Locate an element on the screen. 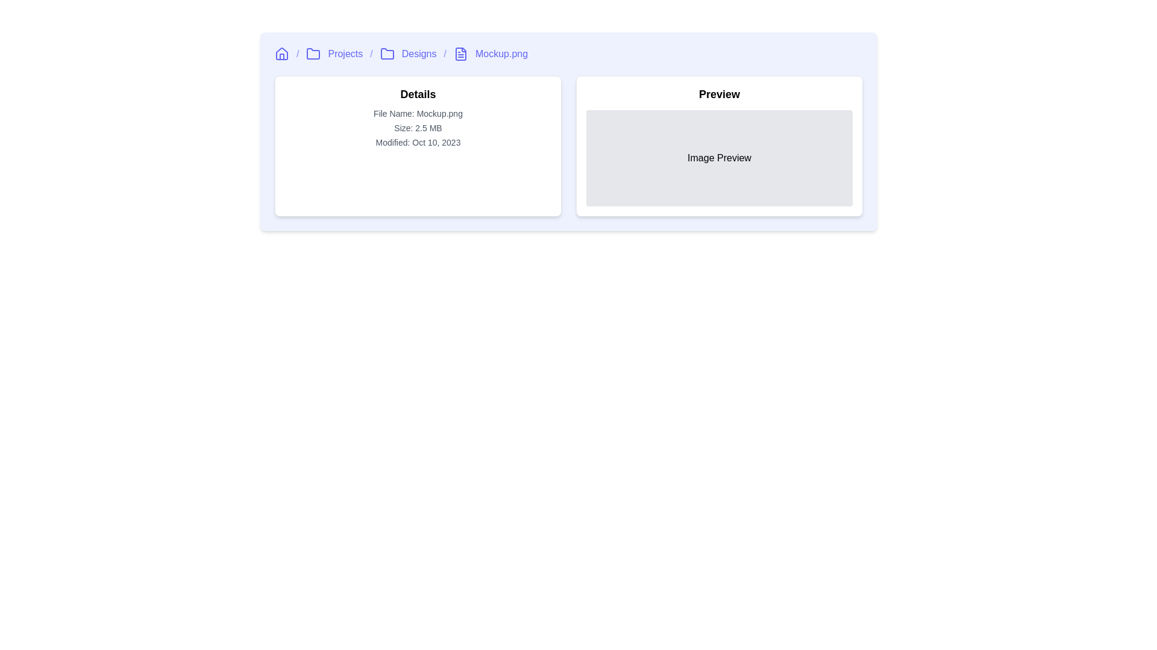  the folder icon in the breadcrumb navigation, which is the second icon following the home icon and before the 'Projects' label is located at coordinates (313, 53).